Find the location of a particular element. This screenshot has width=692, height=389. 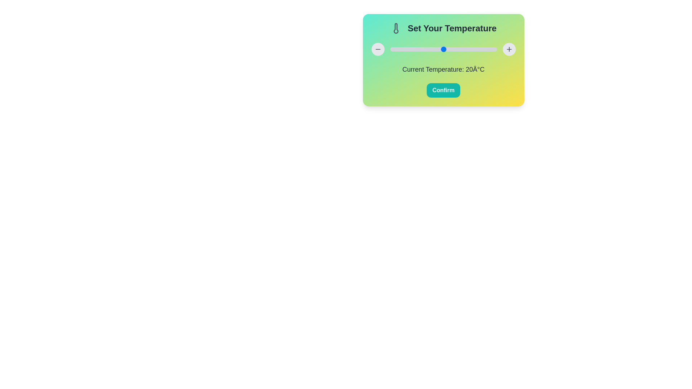

the temperature slider to set the temperature to 20°C is located at coordinates (443, 49).